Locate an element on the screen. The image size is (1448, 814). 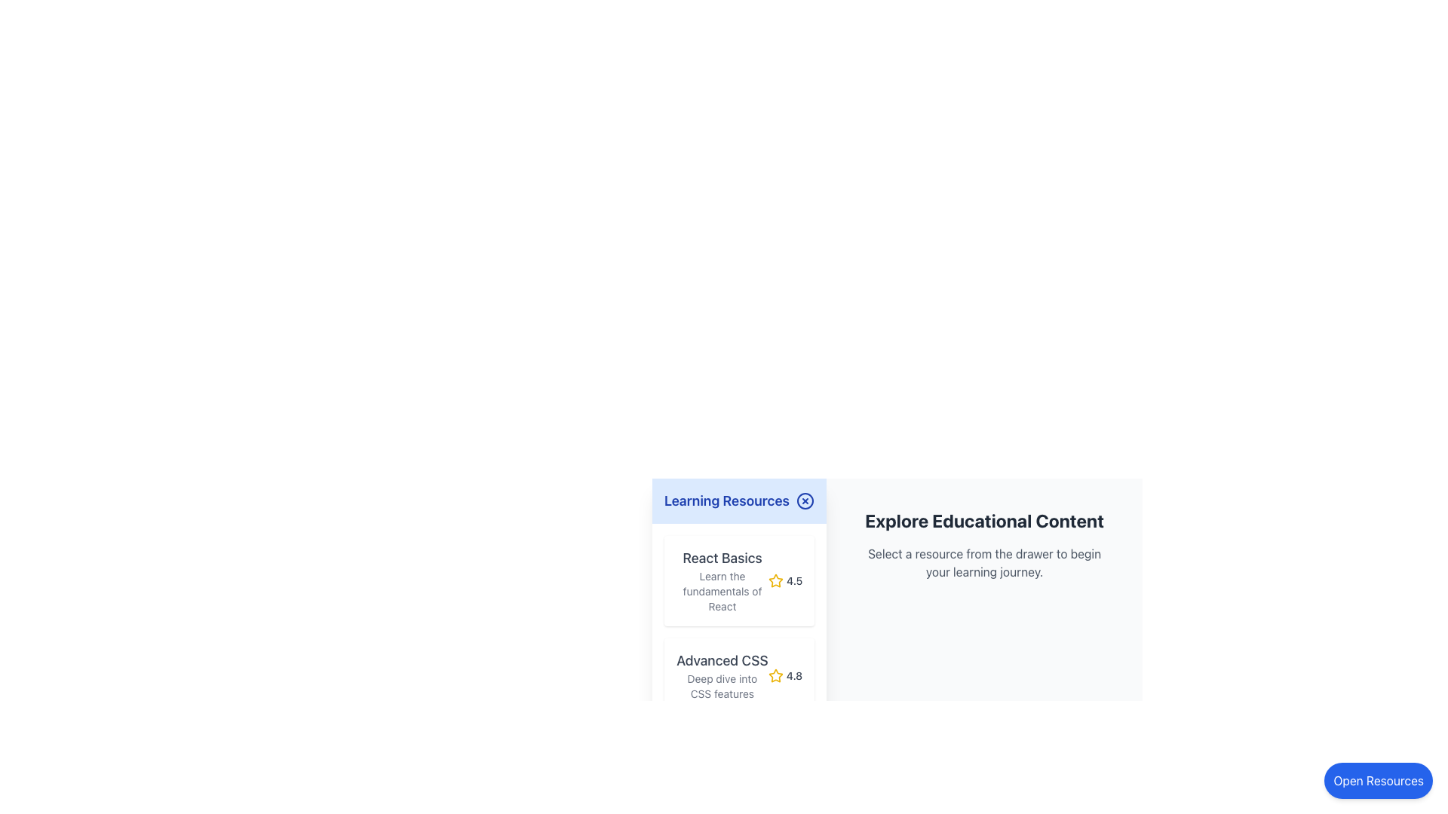
the text label providing additional context for the 'Advanced CSS' resource, located beneath the card's heading in the 'Learning Resources' side panel is located at coordinates (721, 686).